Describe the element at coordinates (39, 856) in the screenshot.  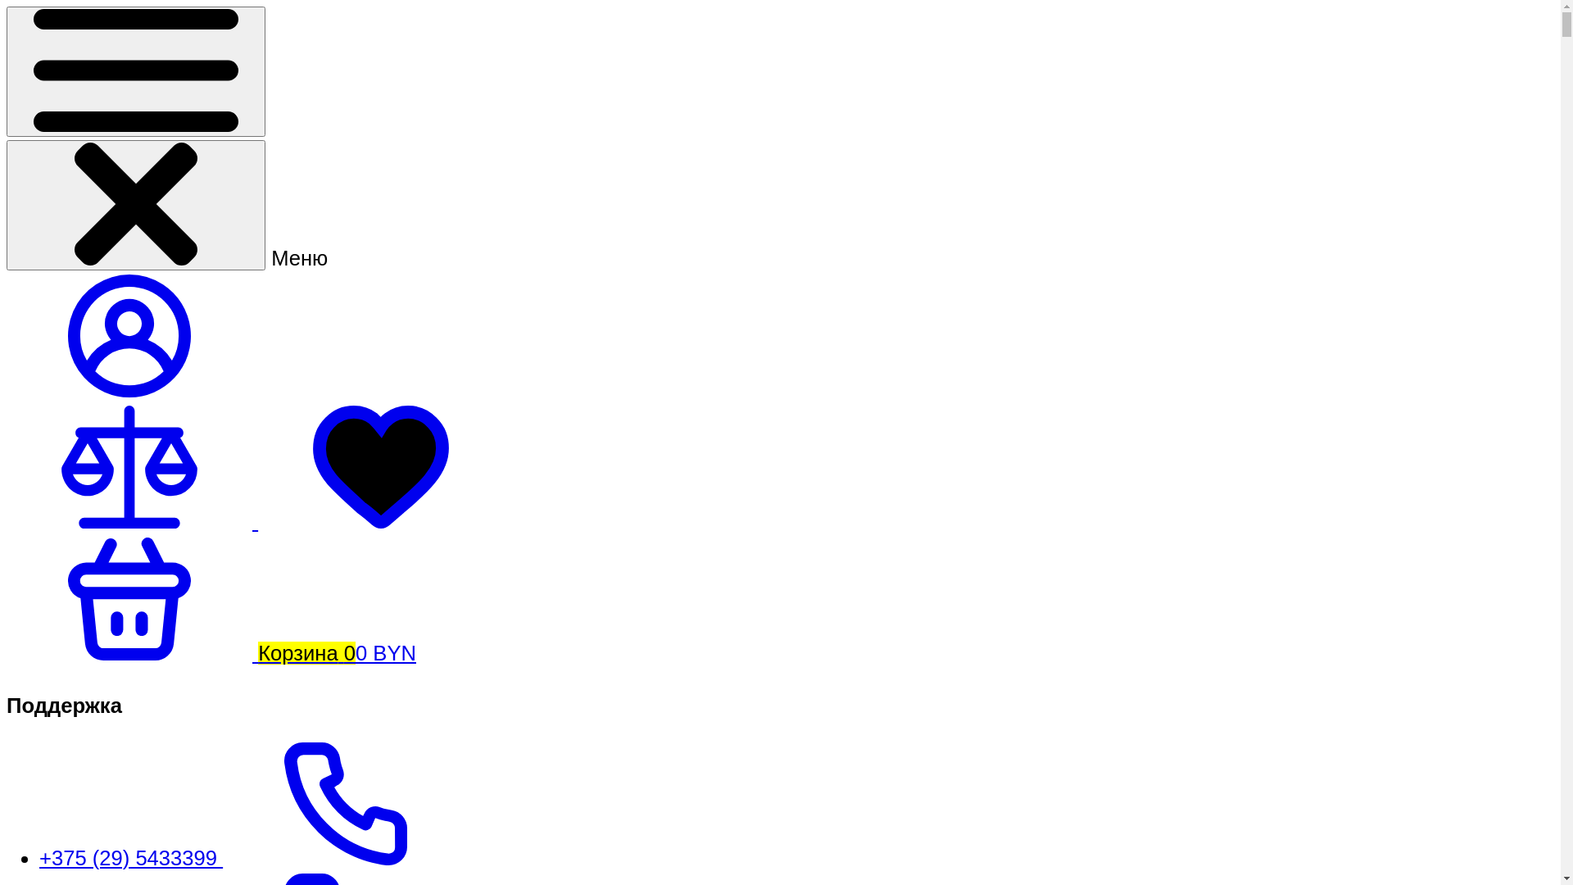
I see `'+375 (29) 5433399'` at that location.